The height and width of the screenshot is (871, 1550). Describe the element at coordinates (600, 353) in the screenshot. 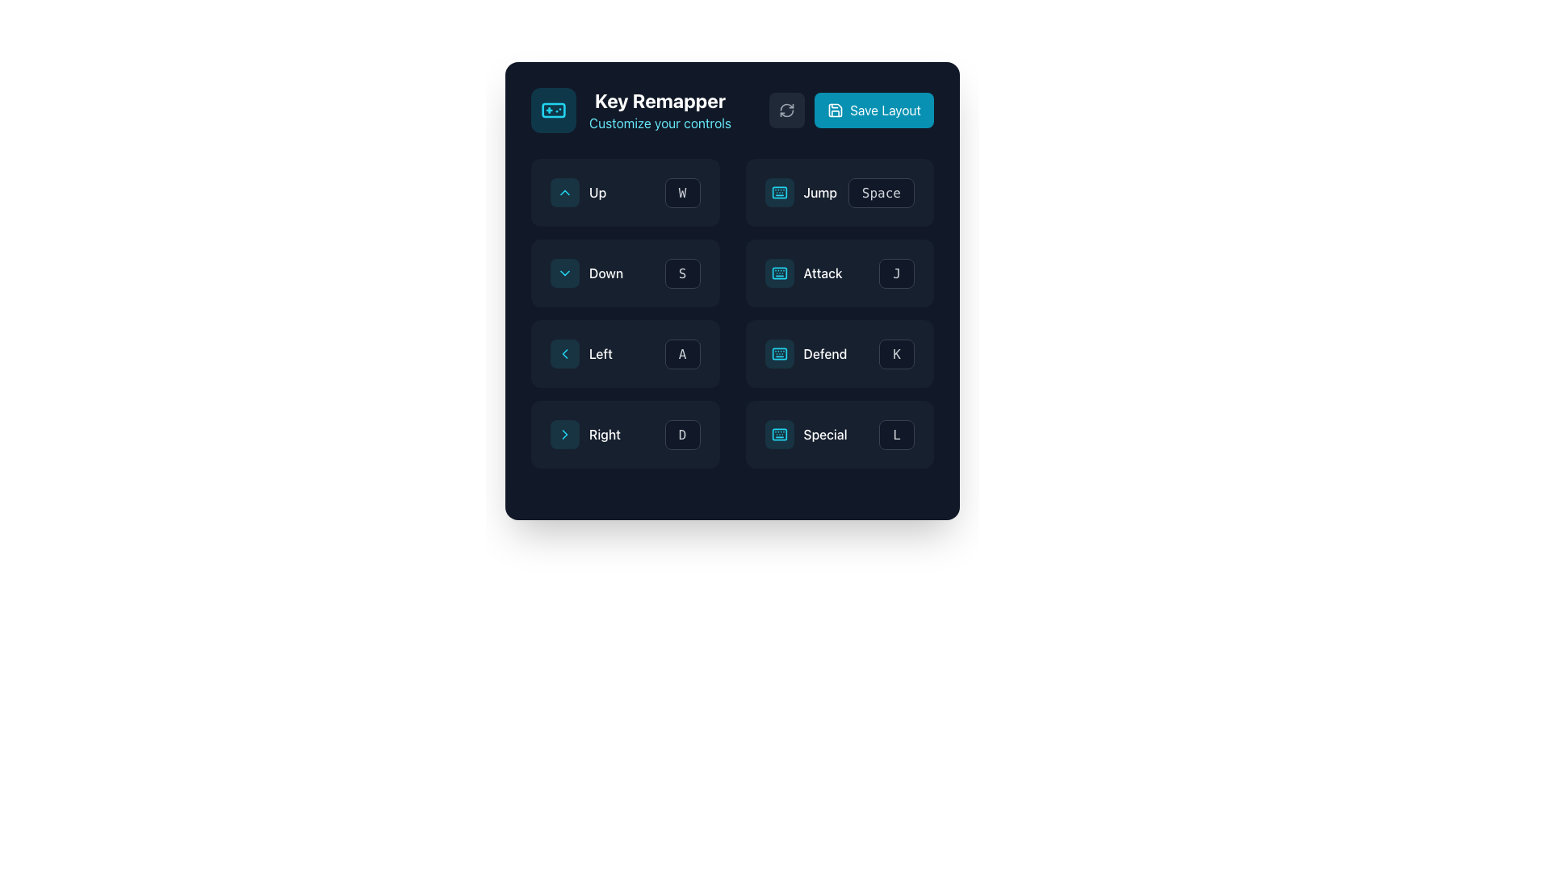

I see `text label displaying 'Left', which is styled in white font and is positioned between a left arrow and the key label 'A'` at that location.